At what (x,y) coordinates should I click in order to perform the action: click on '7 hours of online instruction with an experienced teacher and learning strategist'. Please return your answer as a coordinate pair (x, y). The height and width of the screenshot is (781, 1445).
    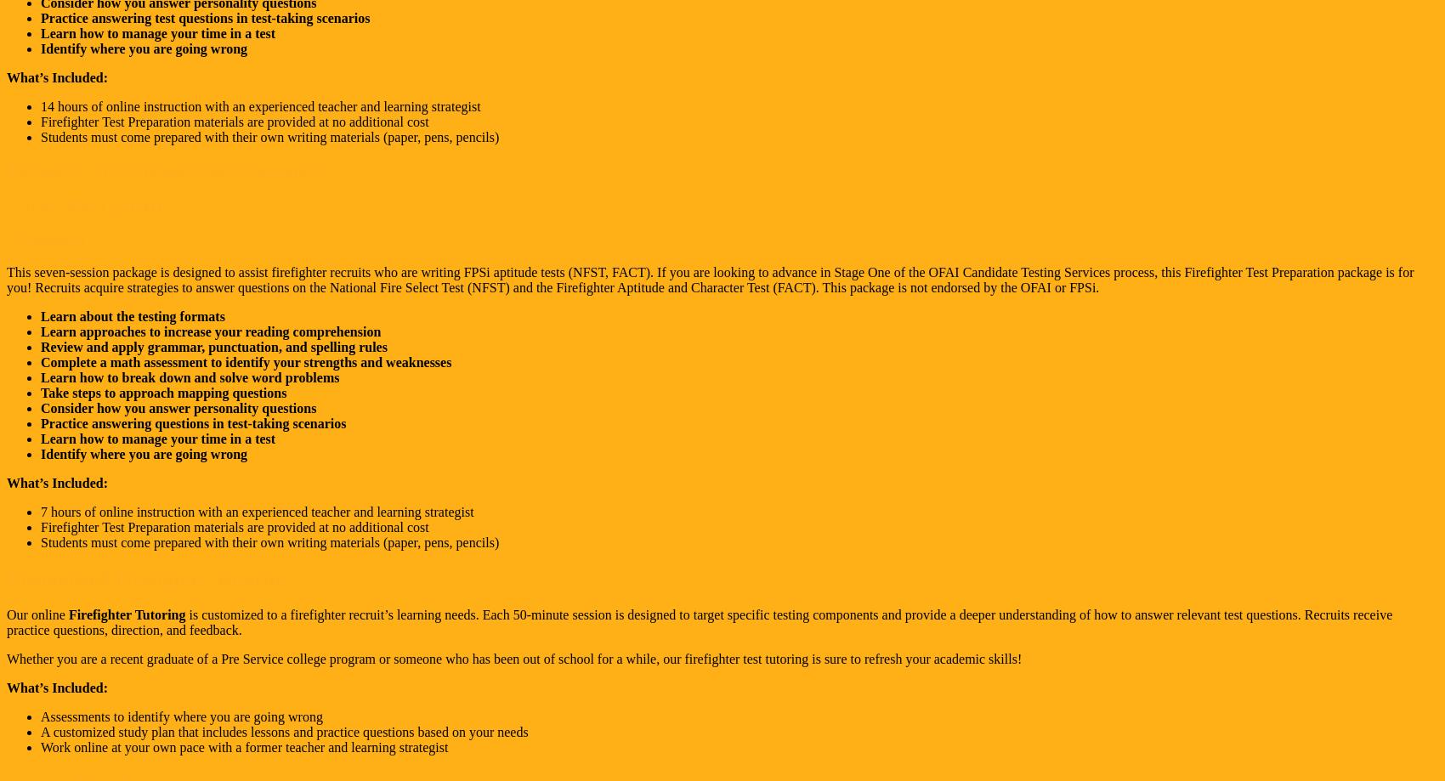
    Looking at the image, I should click on (257, 512).